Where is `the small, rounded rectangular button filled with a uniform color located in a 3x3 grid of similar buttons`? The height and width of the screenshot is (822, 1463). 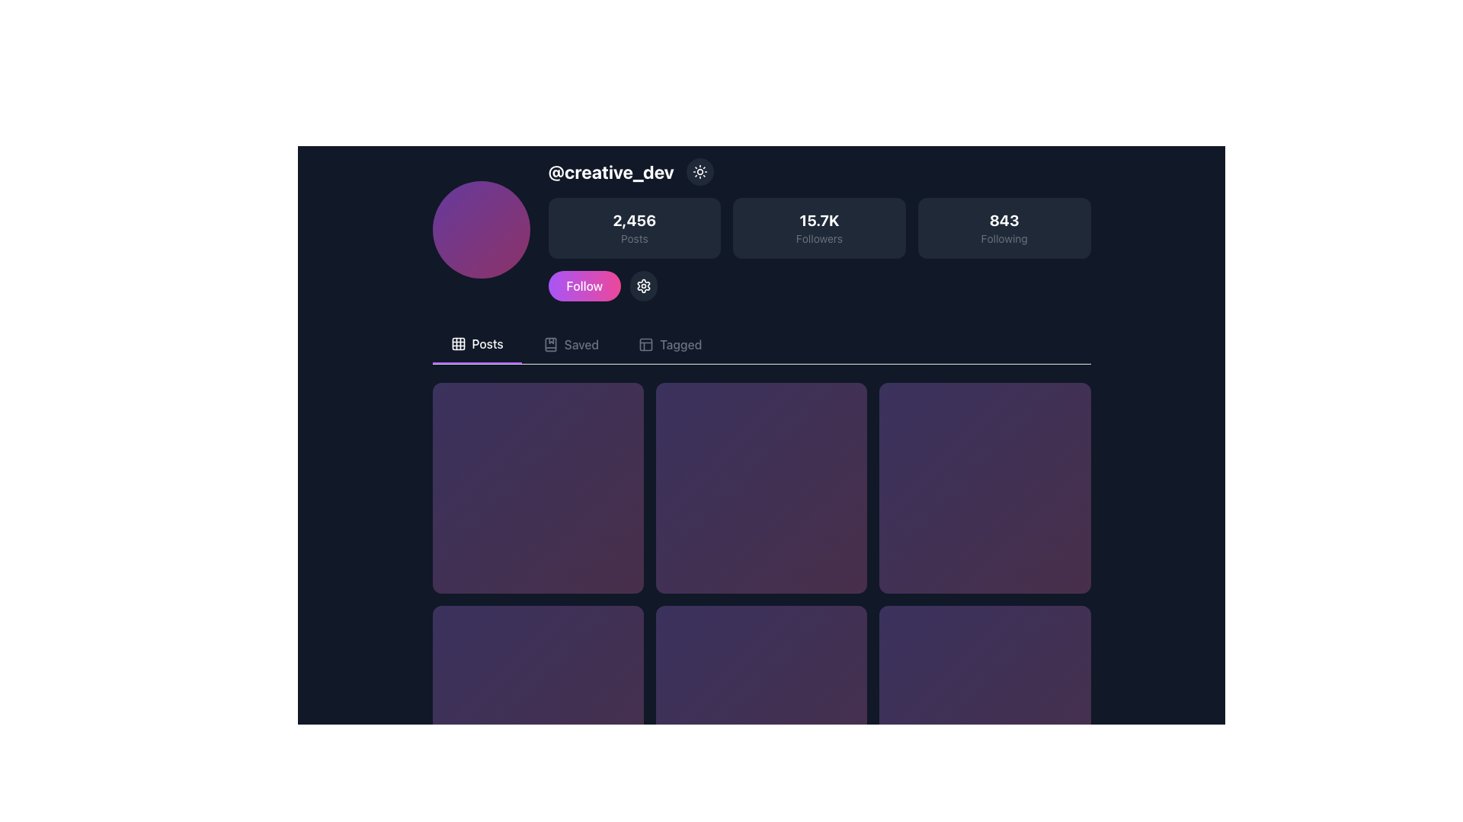
the small, rounded rectangular button filled with a uniform color located in a 3x3 grid of similar buttons is located at coordinates (457, 343).